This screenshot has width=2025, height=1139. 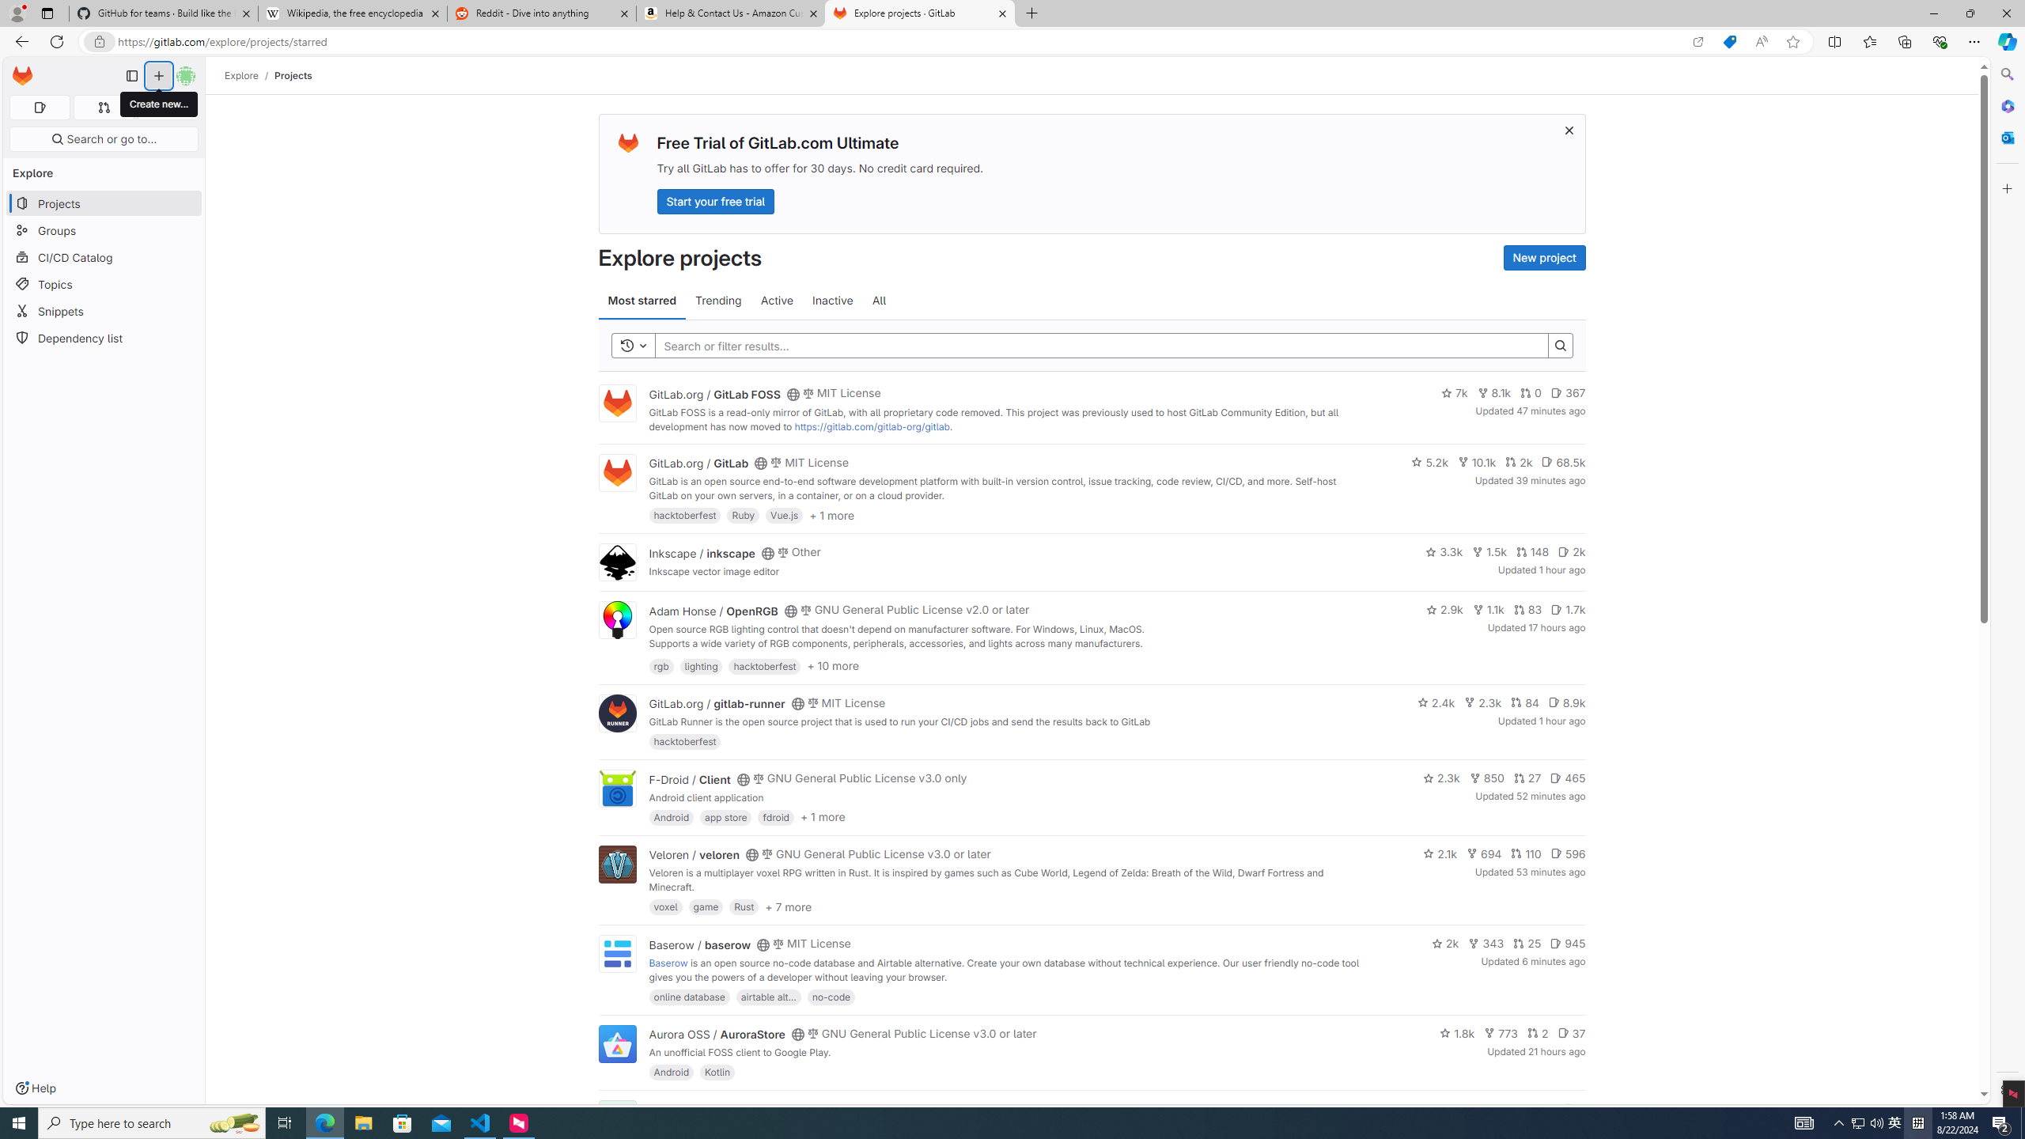 What do you see at coordinates (1444, 943) in the screenshot?
I see `'2k'` at bounding box center [1444, 943].